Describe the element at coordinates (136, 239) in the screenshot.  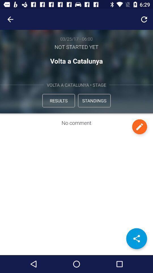
I see `the share icon` at that location.